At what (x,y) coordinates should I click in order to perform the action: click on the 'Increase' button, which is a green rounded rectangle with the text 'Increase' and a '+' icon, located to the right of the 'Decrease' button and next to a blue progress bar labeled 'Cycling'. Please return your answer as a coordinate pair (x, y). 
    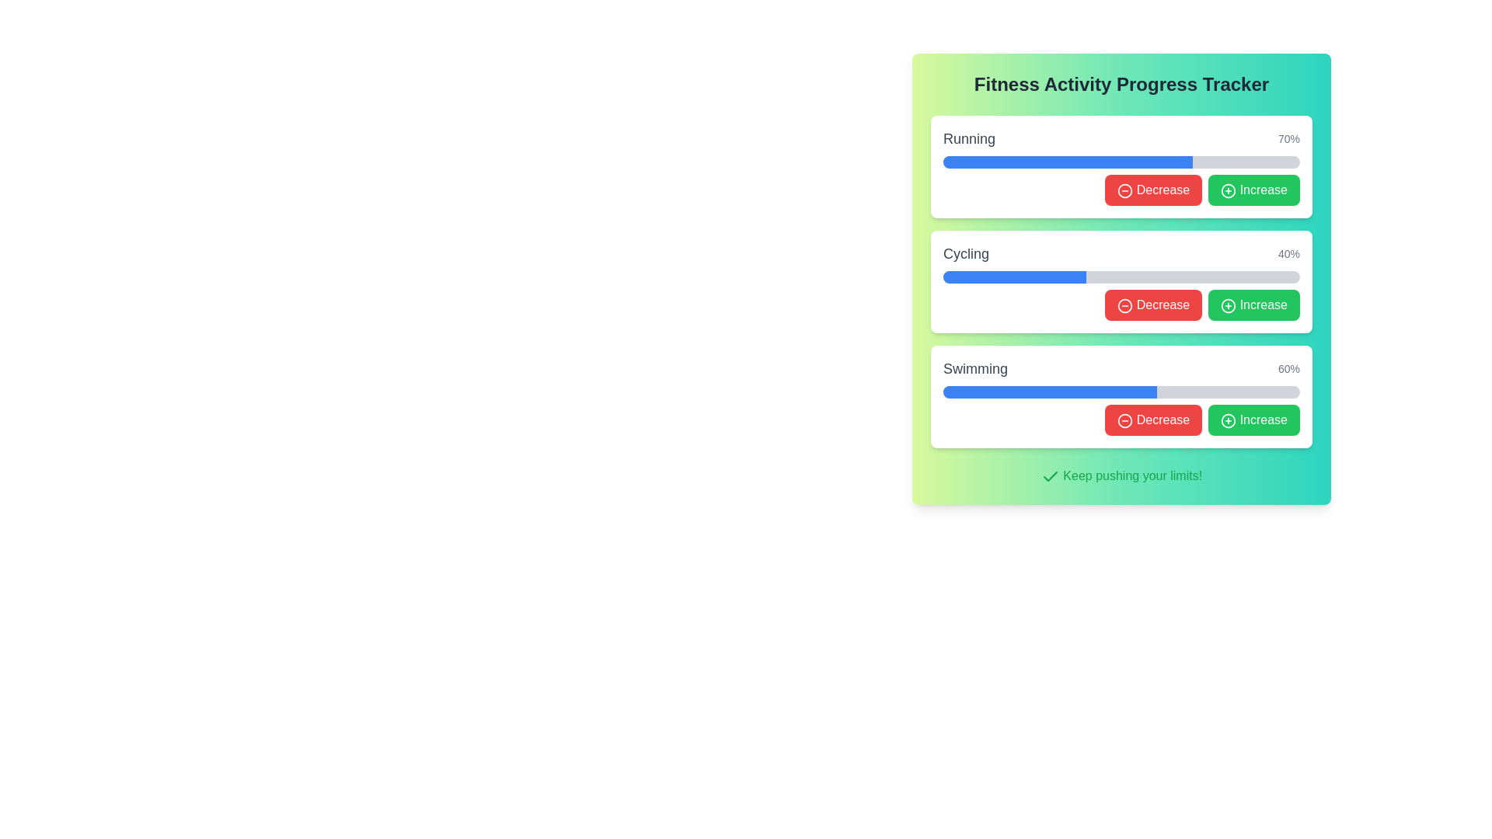
    Looking at the image, I should click on (1254, 305).